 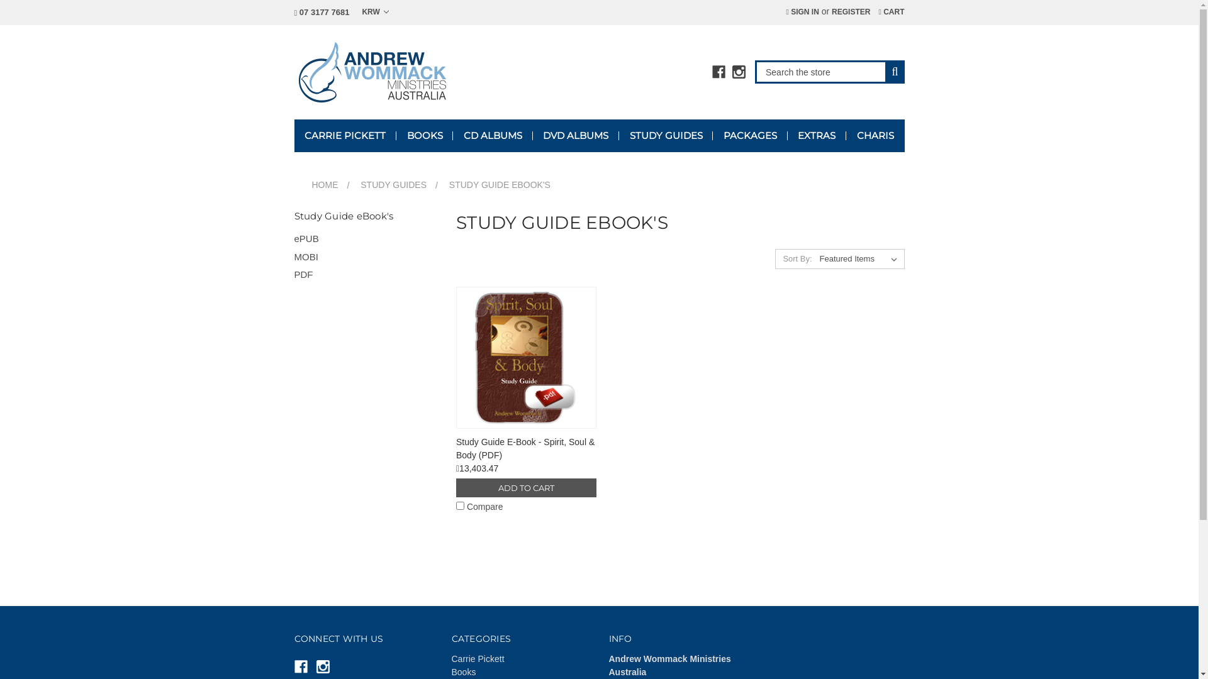 I want to click on 'Books', so click(x=452, y=671).